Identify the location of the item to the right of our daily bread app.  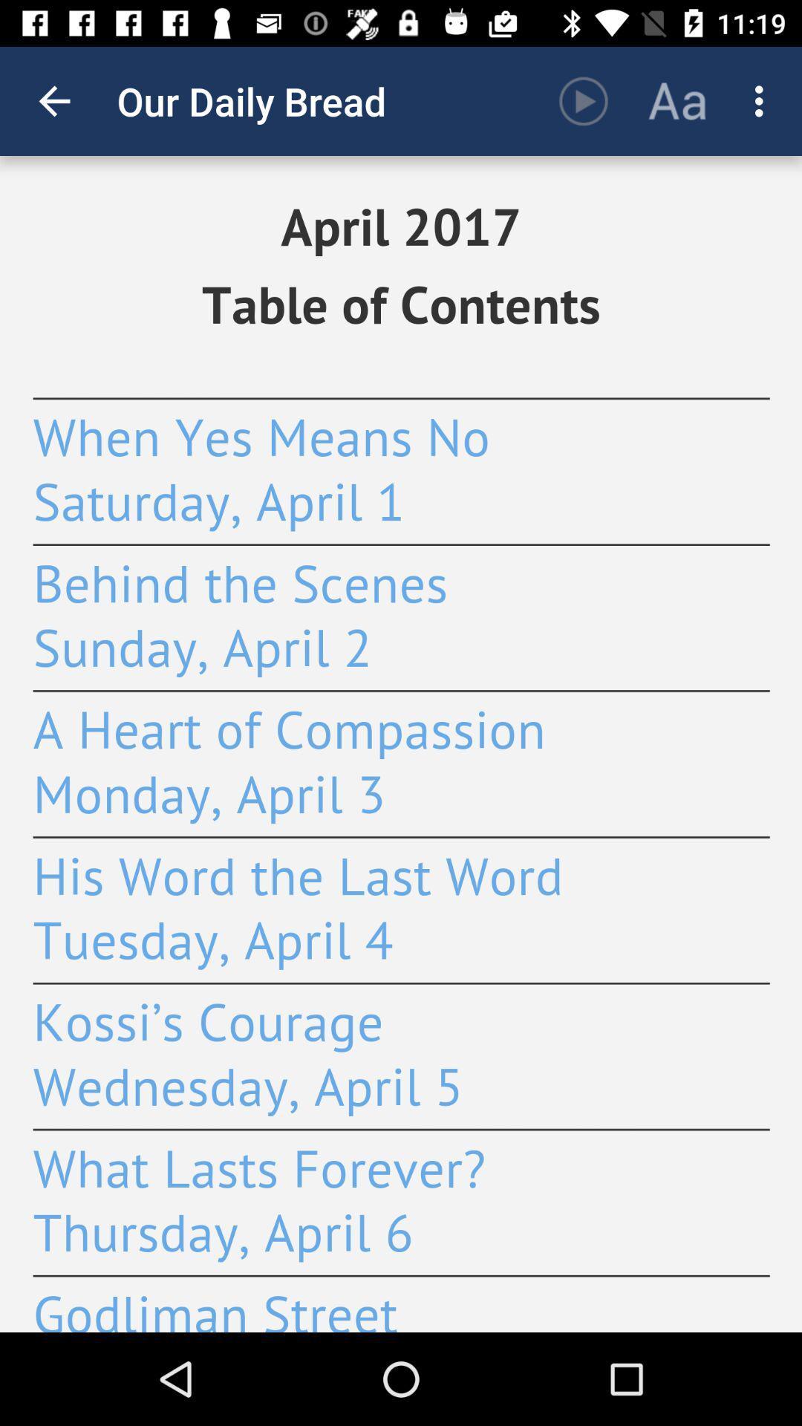
(583, 100).